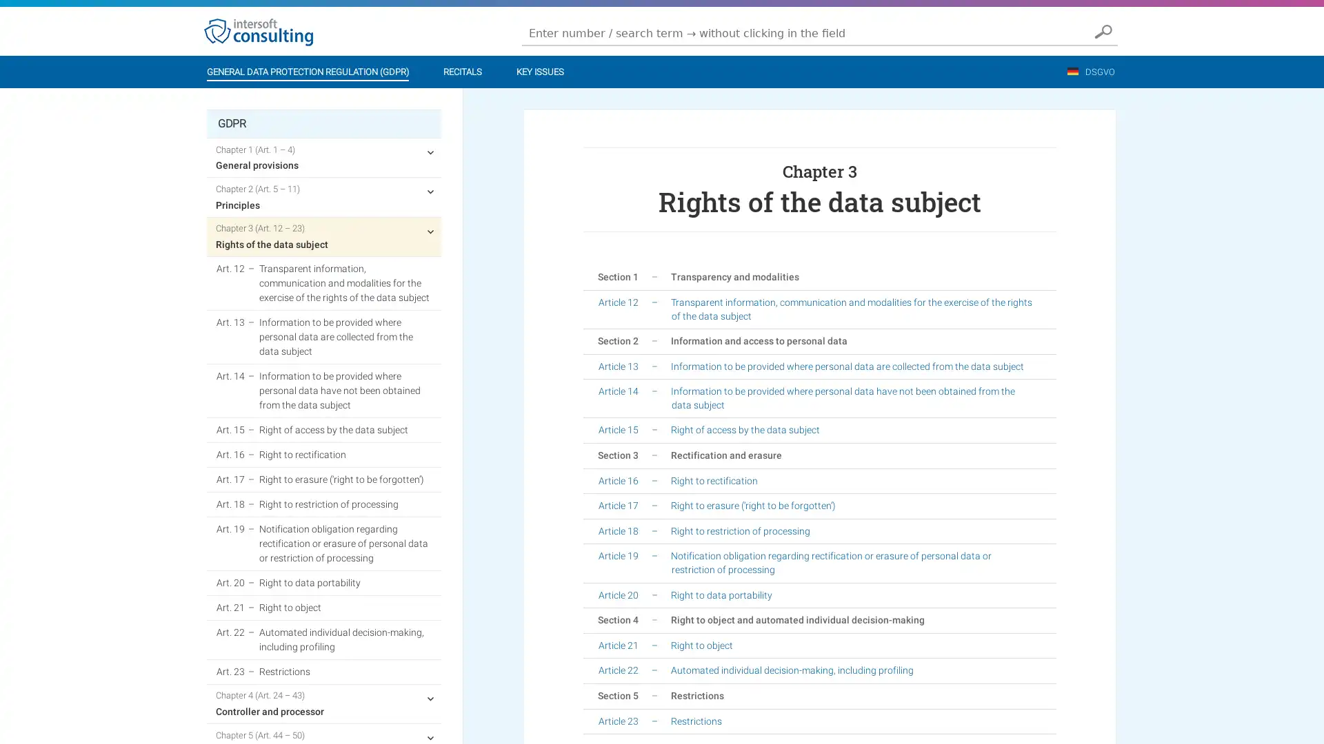 The image size is (1324, 744). Describe the element at coordinates (430, 230) in the screenshot. I see `expand child menu` at that location.